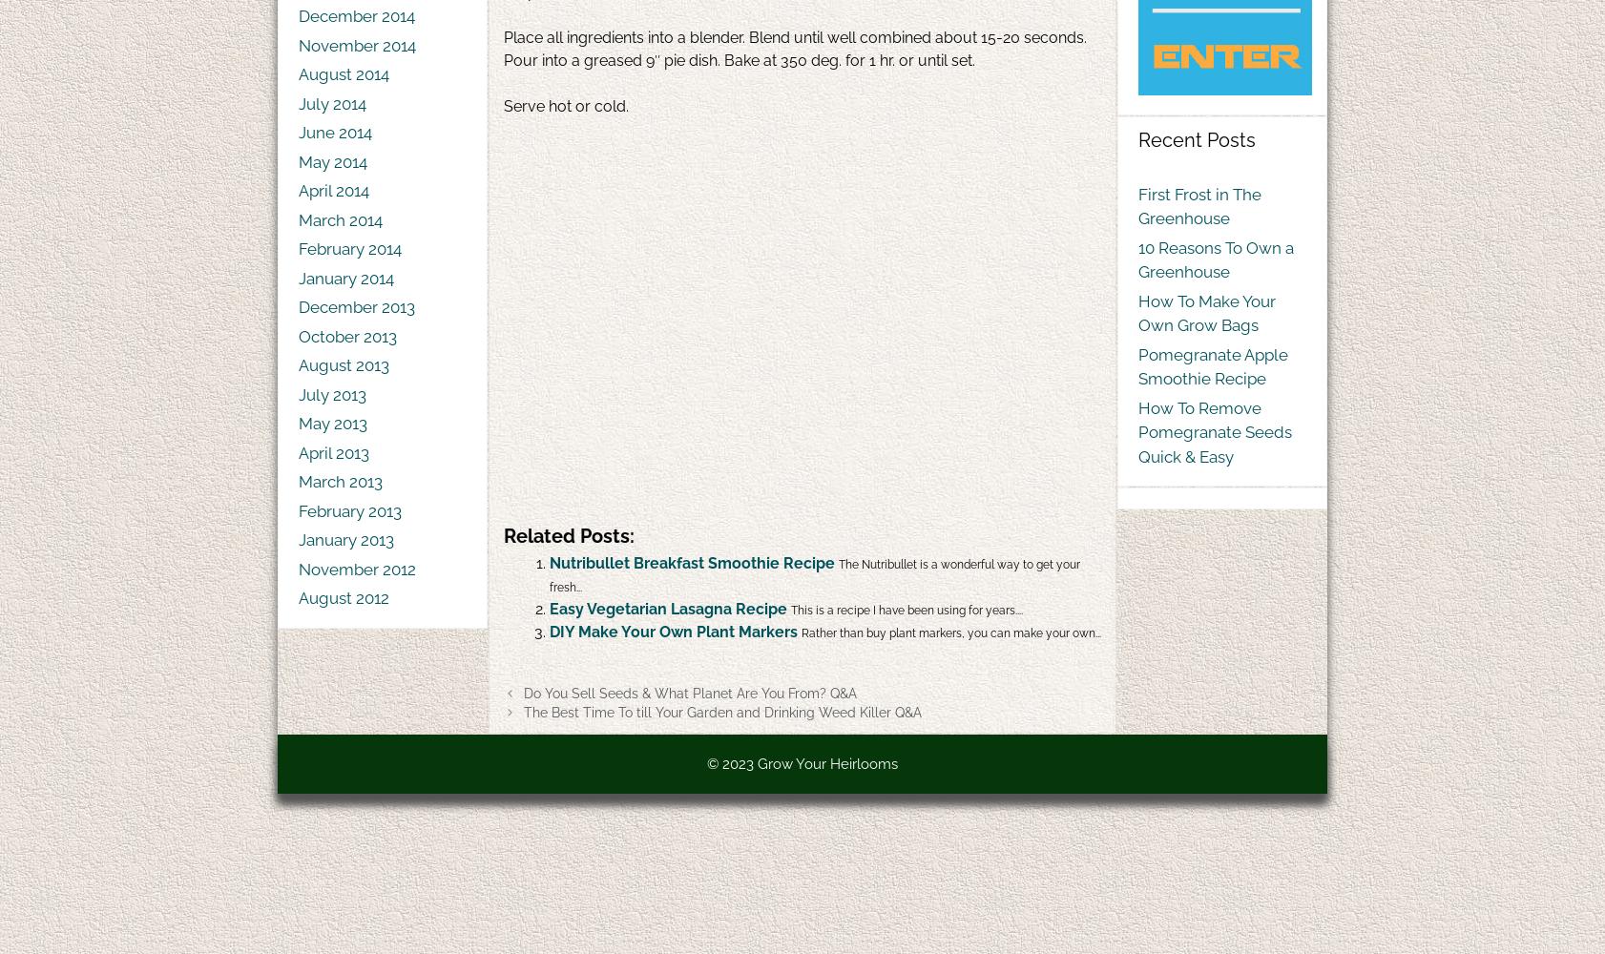  What do you see at coordinates (1216, 259) in the screenshot?
I see `'10 Reasons To Own a Greenhouse'` at bounding box center [1216, 259].